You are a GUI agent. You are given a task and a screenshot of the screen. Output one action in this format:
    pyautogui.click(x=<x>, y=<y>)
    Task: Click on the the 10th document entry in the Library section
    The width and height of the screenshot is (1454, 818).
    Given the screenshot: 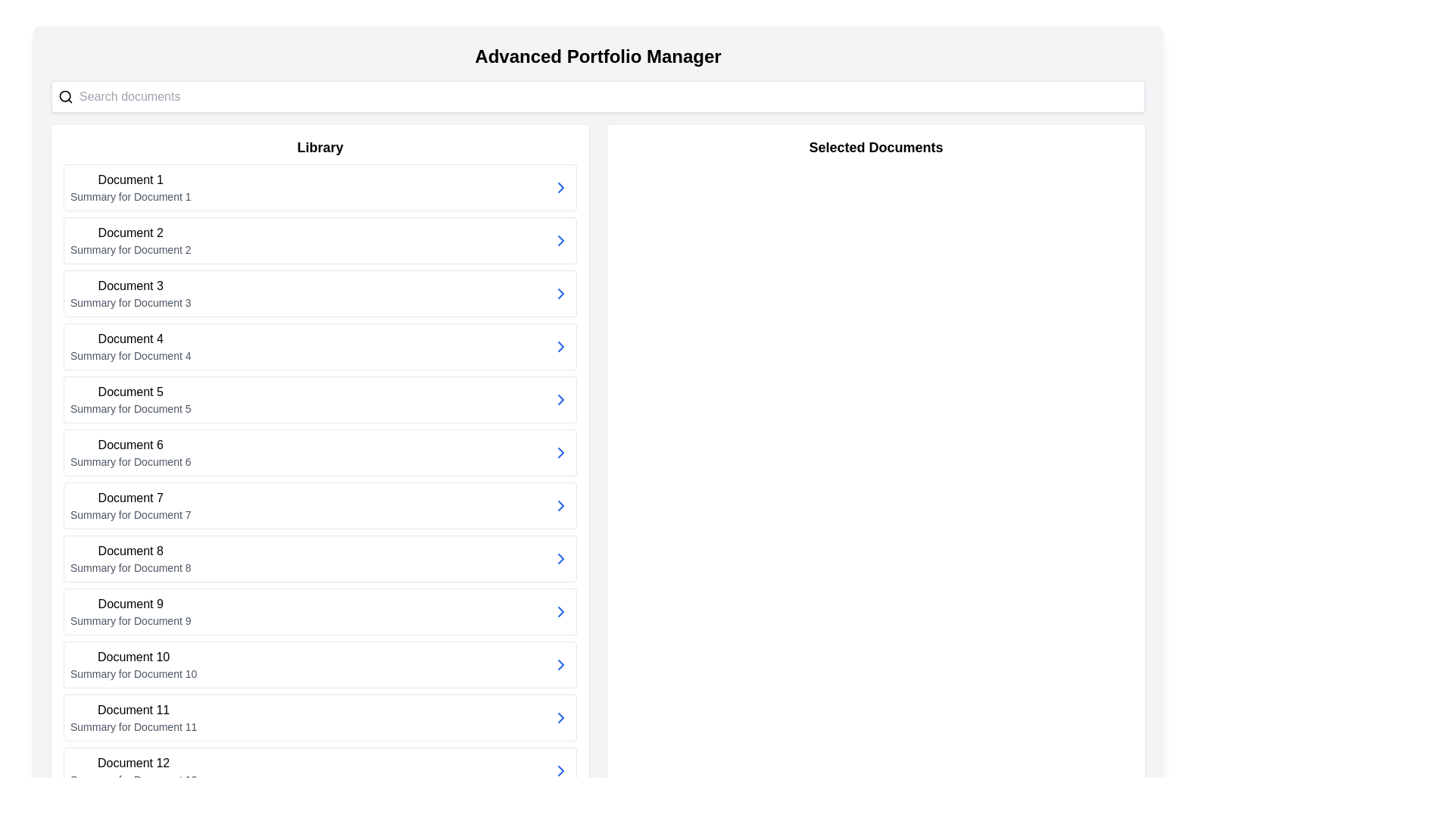 What is the action you would take?
    pyautogui.click(x=319, y=664)
    